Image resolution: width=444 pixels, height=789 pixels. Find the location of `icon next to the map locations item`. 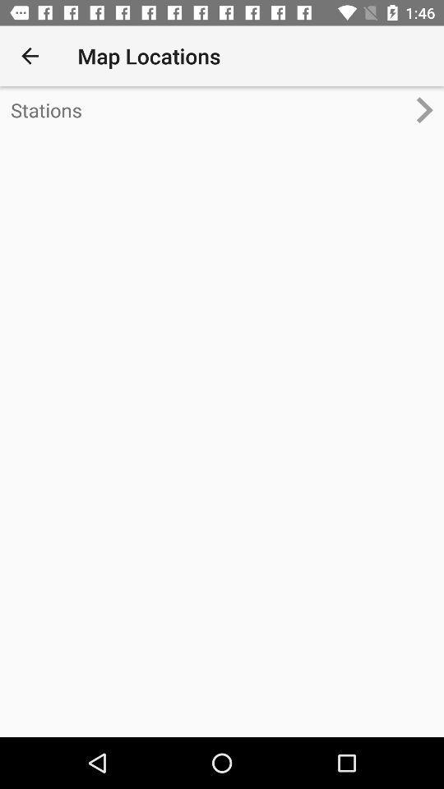

icon next to the map locations item is located at coordinates (30, 56).